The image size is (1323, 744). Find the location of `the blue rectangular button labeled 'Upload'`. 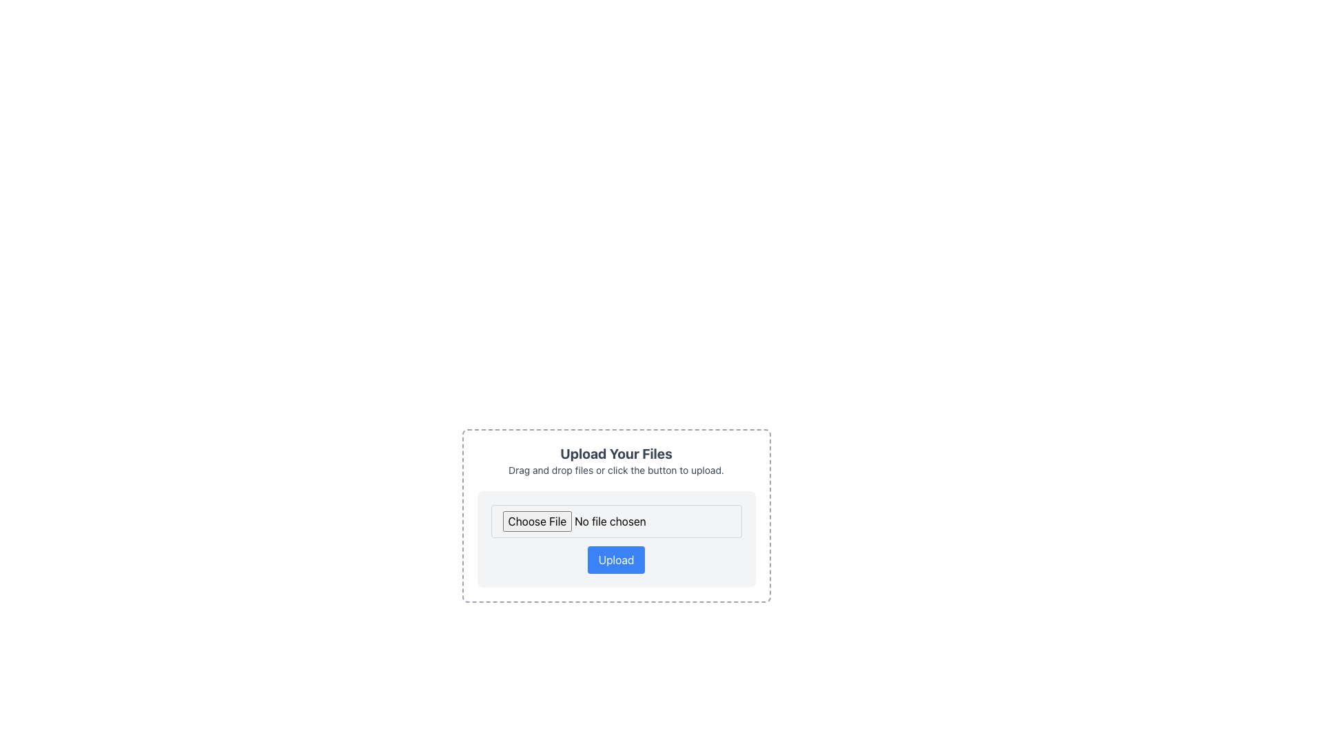

the blue rectangular button labeled 'Upload' is located at coordinates (615, 560).